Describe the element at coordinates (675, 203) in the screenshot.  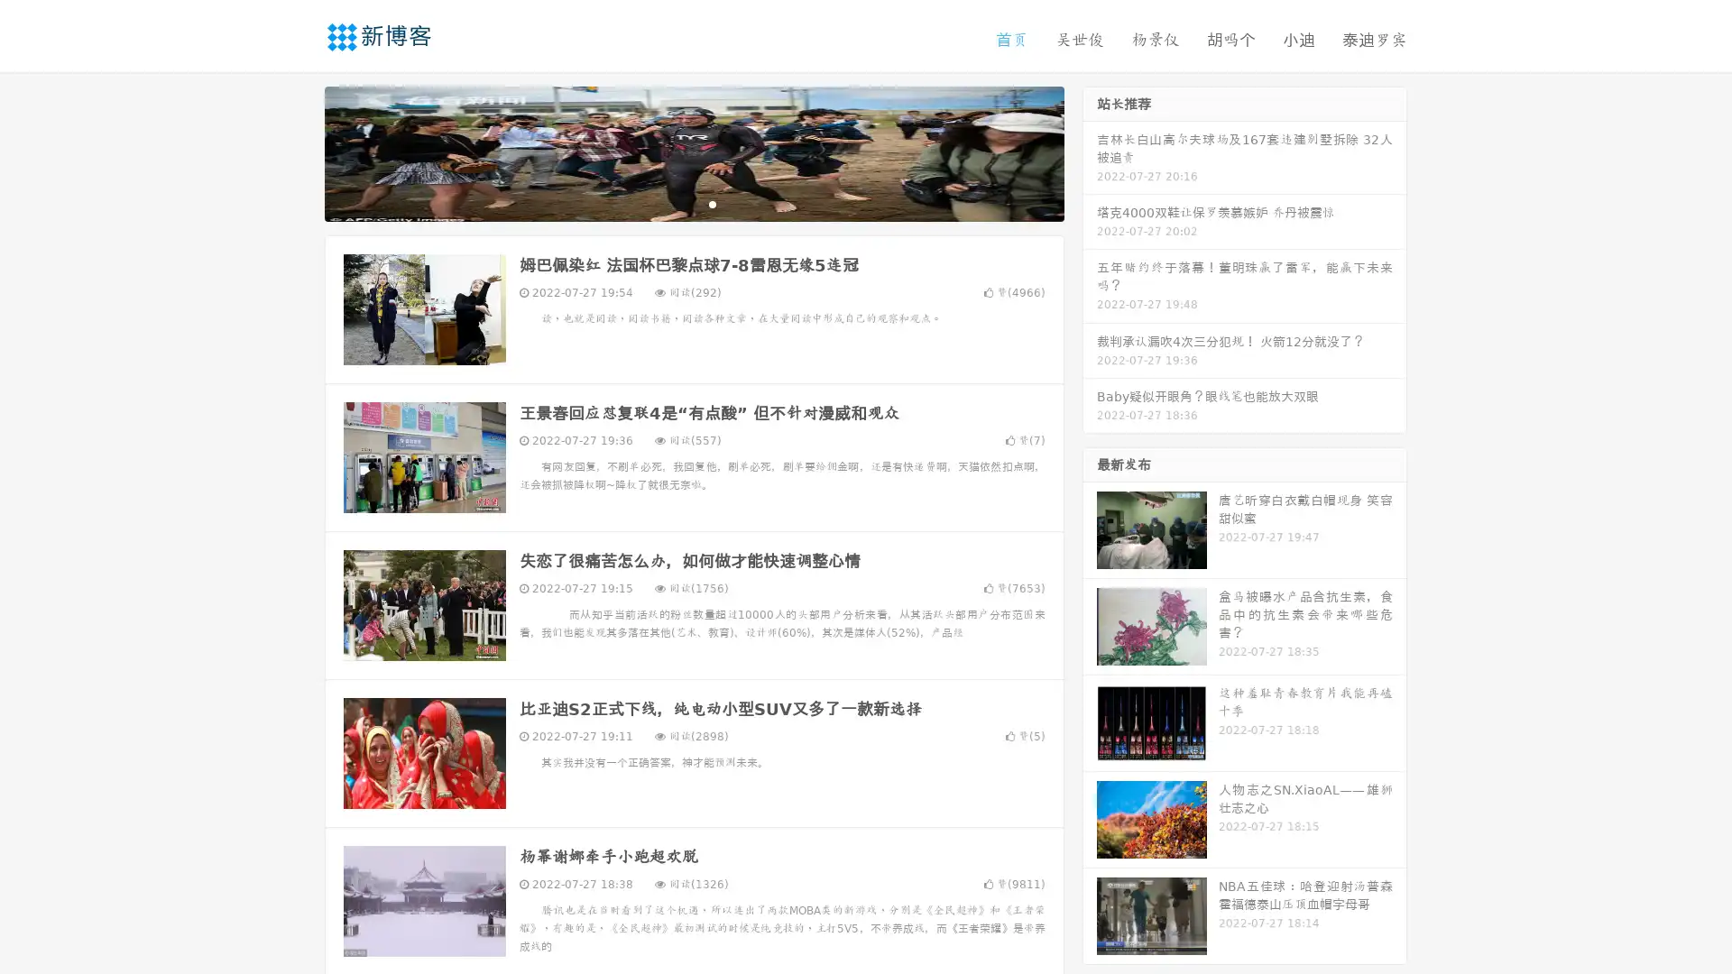
I see `Go to slide 1` at that location.